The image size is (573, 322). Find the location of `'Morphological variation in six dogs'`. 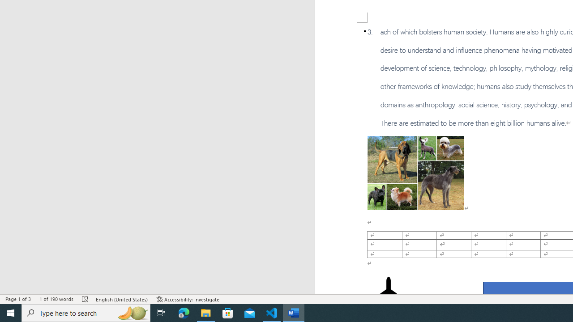

'Morphological variation in six dogs' is located at coordinates (415, 173).